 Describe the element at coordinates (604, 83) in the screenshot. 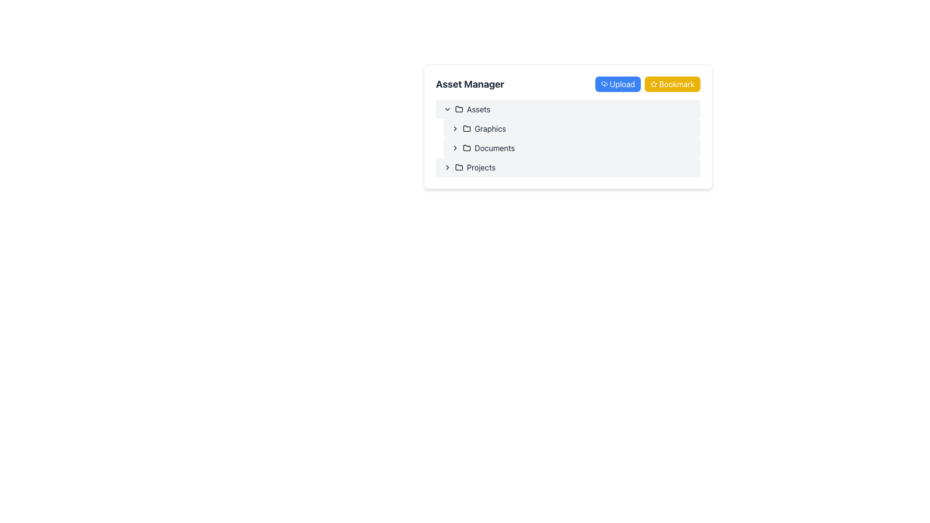

I see `the upload icon located on the left side of the 'Upload' button in the top-right corner of the 'Asset Manager' section` at that location.